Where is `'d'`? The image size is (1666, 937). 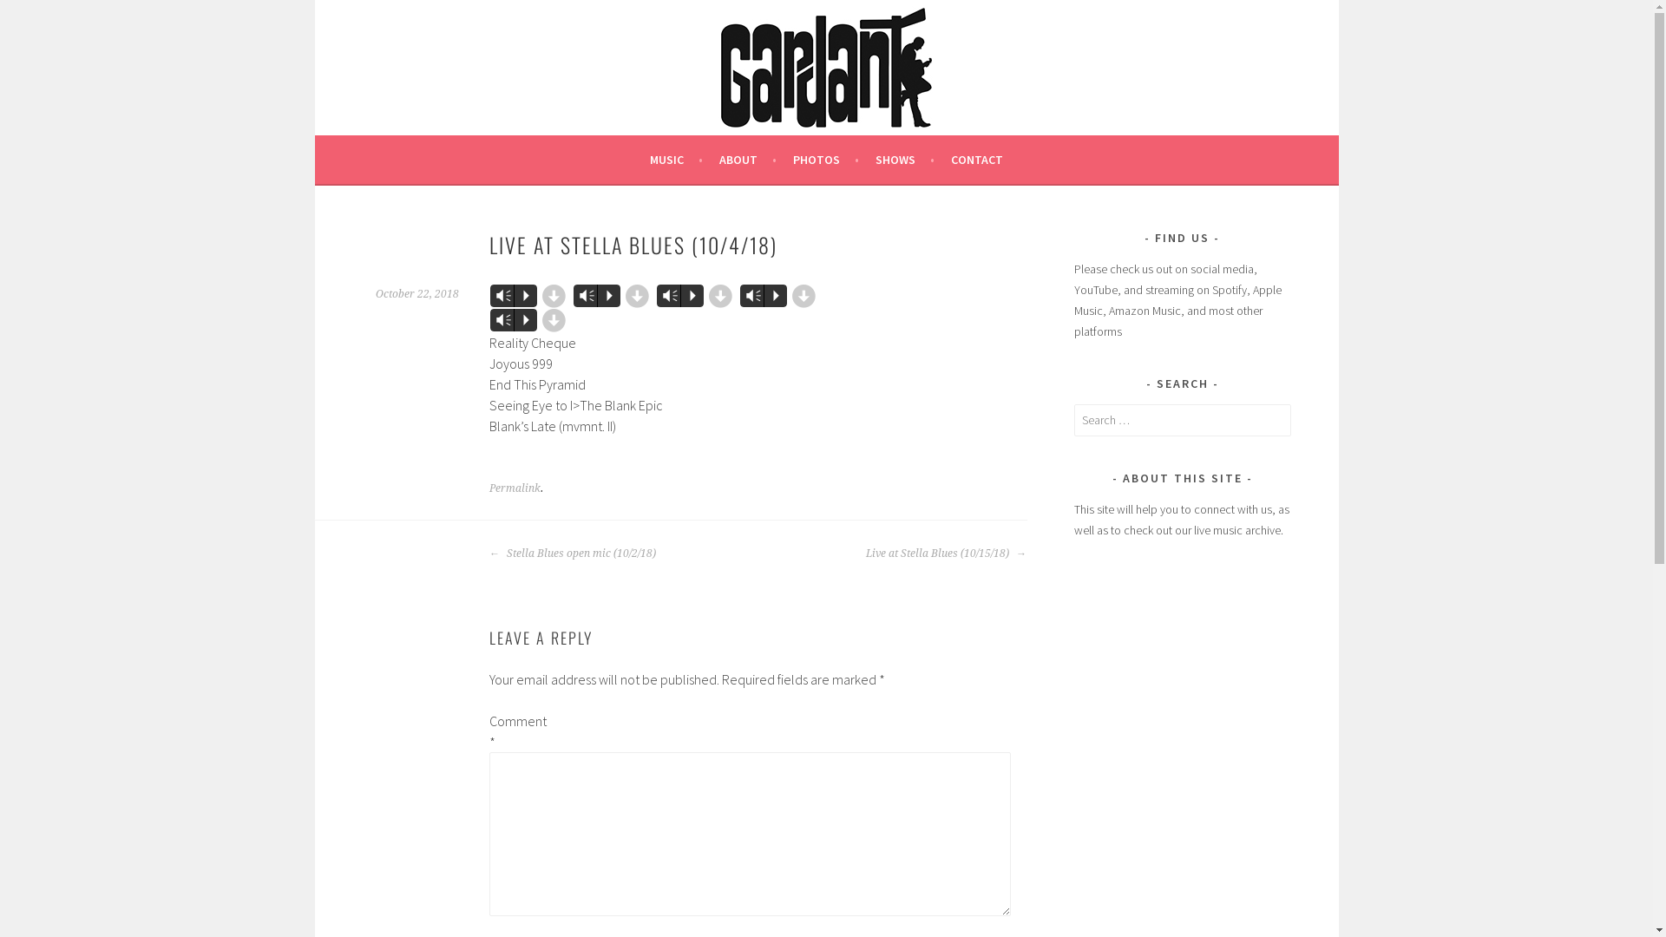
'd' is located at coordinates (553, 294).